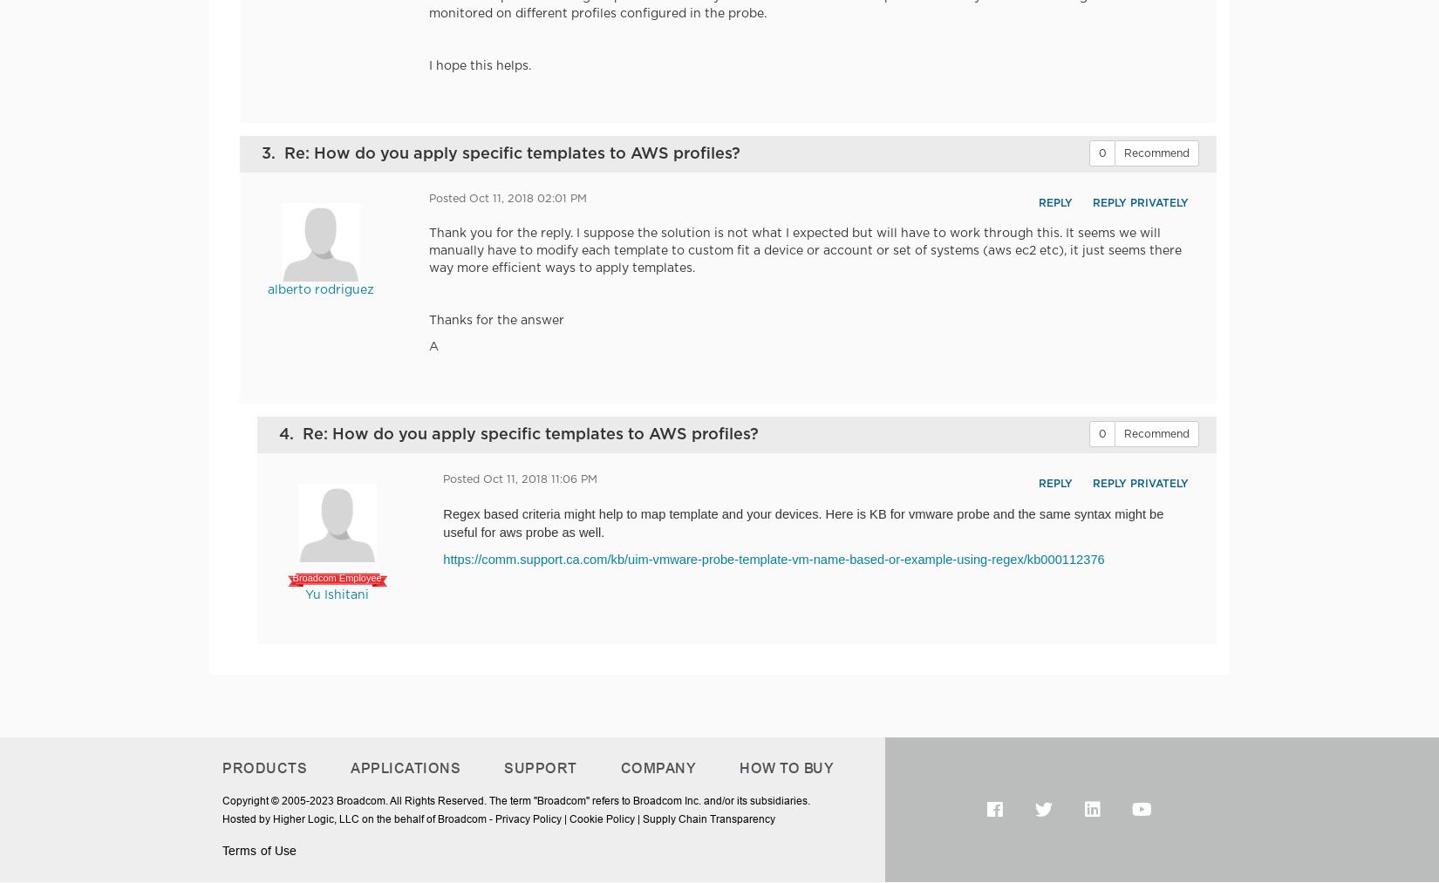 The image size is (1439, 883). I want to click on '4.', so click(290, 432).